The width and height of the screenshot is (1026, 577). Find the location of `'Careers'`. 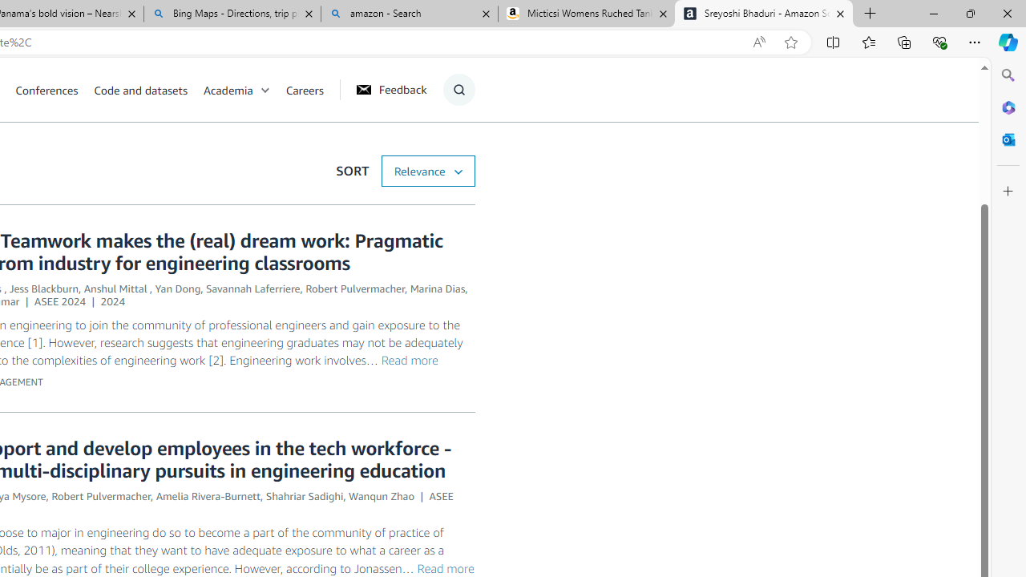

'Careers' is located at coordinates (305, 89).